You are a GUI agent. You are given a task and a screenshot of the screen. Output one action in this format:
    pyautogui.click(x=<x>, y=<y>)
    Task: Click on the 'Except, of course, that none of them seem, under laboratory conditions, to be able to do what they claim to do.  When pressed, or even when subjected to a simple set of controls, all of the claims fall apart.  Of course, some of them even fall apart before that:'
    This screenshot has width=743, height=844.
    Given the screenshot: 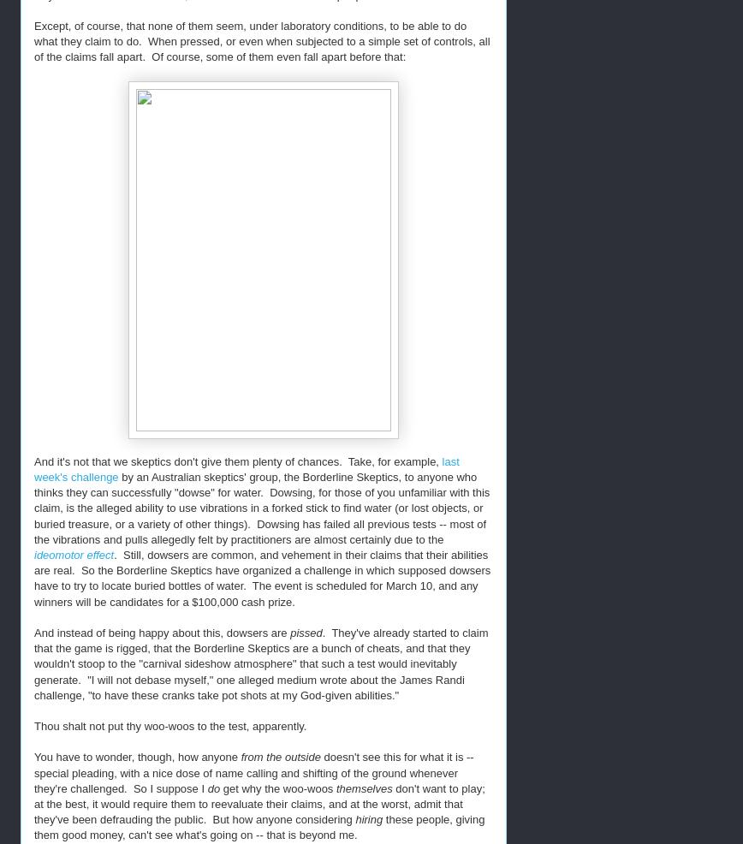 What is the action you would take?
    pyautogui.click(x=261, y=40)
    